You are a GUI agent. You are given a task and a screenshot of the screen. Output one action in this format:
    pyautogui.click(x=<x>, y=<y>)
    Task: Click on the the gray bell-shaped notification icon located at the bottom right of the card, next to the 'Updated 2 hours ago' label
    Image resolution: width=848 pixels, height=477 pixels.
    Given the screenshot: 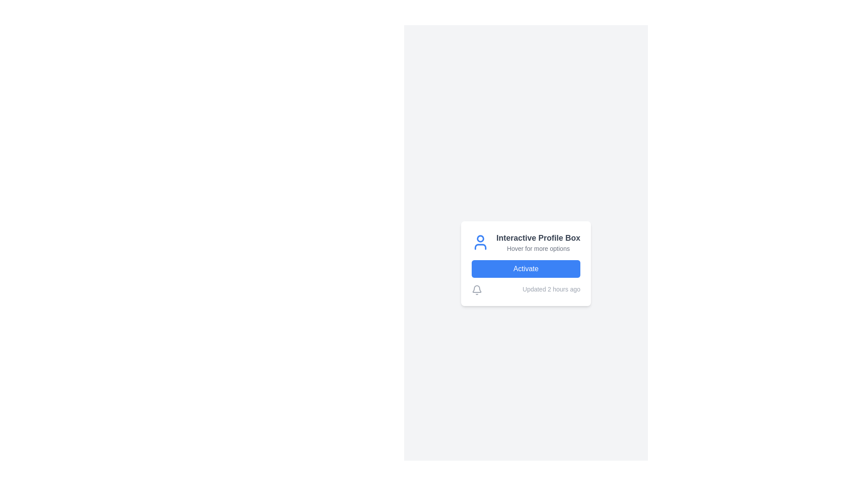 What is the action you would take?
    pyautogui.click(x=477, y=290)
    